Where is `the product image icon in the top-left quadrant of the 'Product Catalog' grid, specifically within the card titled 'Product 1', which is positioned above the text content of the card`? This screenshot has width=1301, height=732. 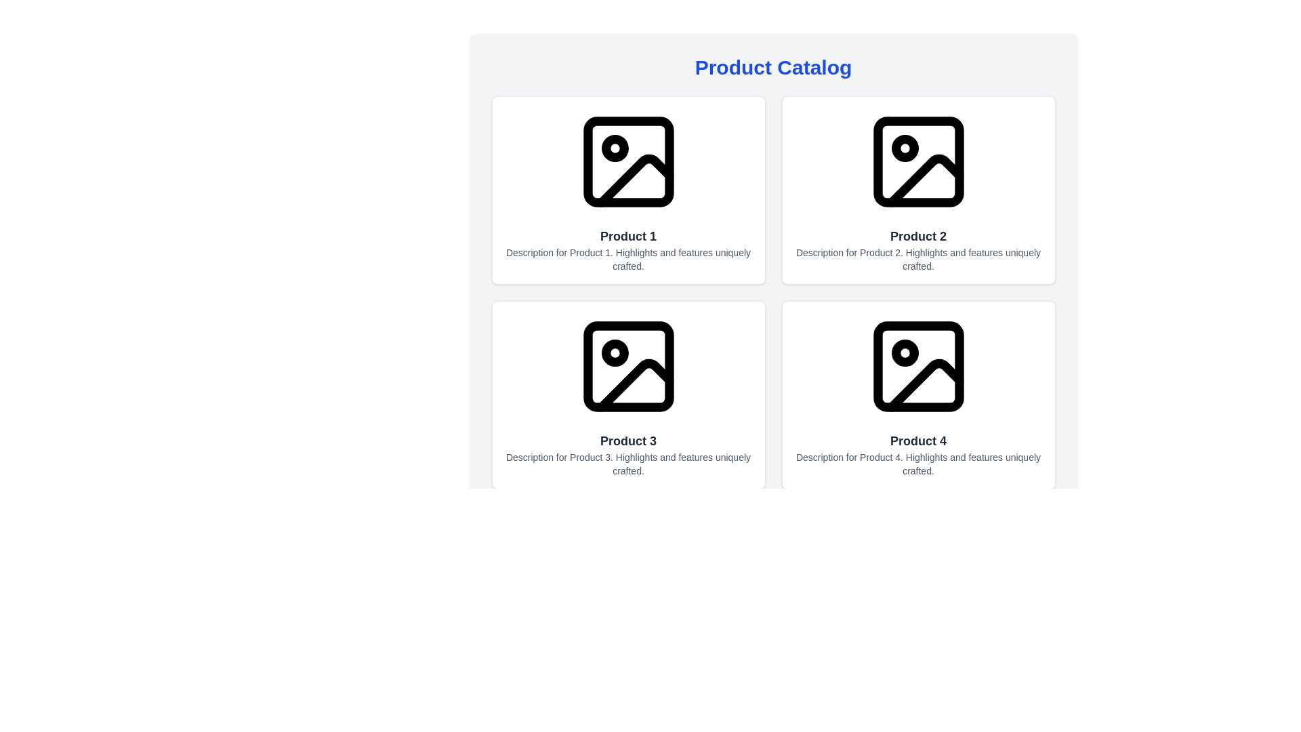
the product image icon in the top-left quadrant of the 'Product Catalog' grid, specifically within the card titled 'Product 1', which is positioned above the text content of the card is located at coordinates (627, 161).